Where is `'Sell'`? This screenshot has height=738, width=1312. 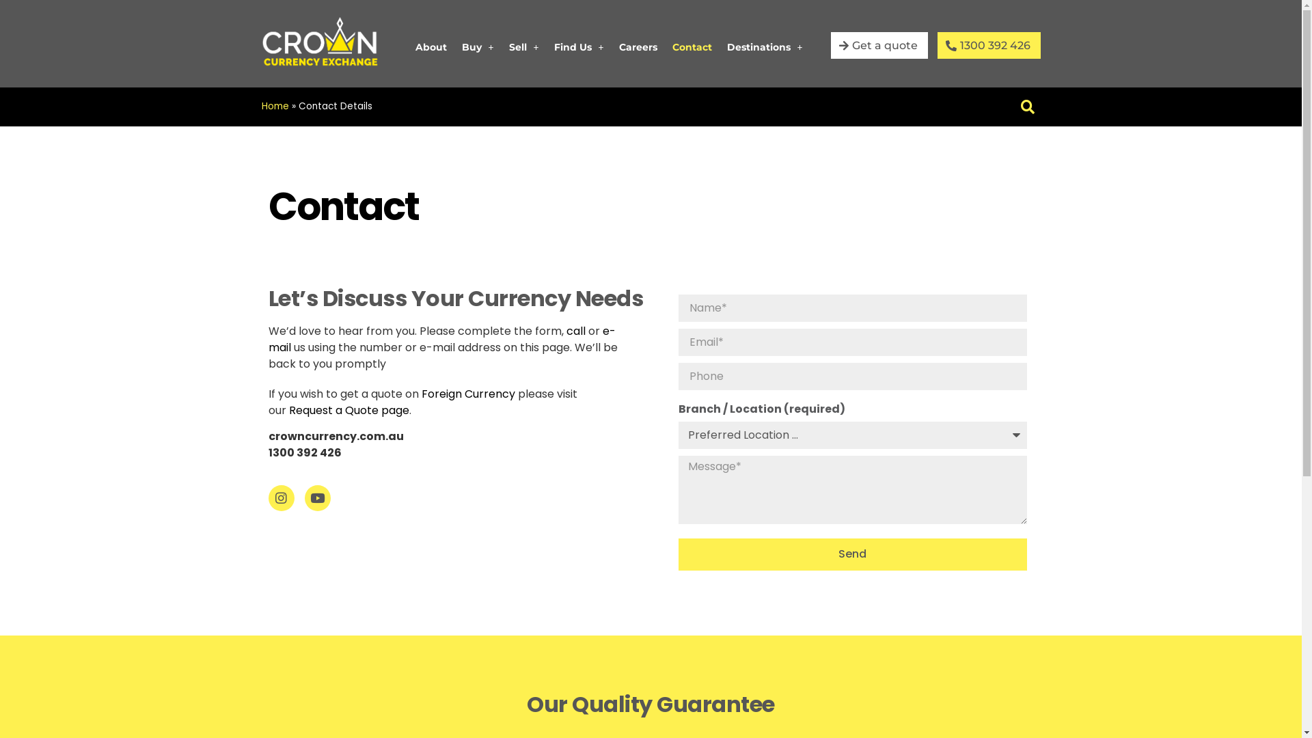 'Sell' is located at coordinates (523, 46).